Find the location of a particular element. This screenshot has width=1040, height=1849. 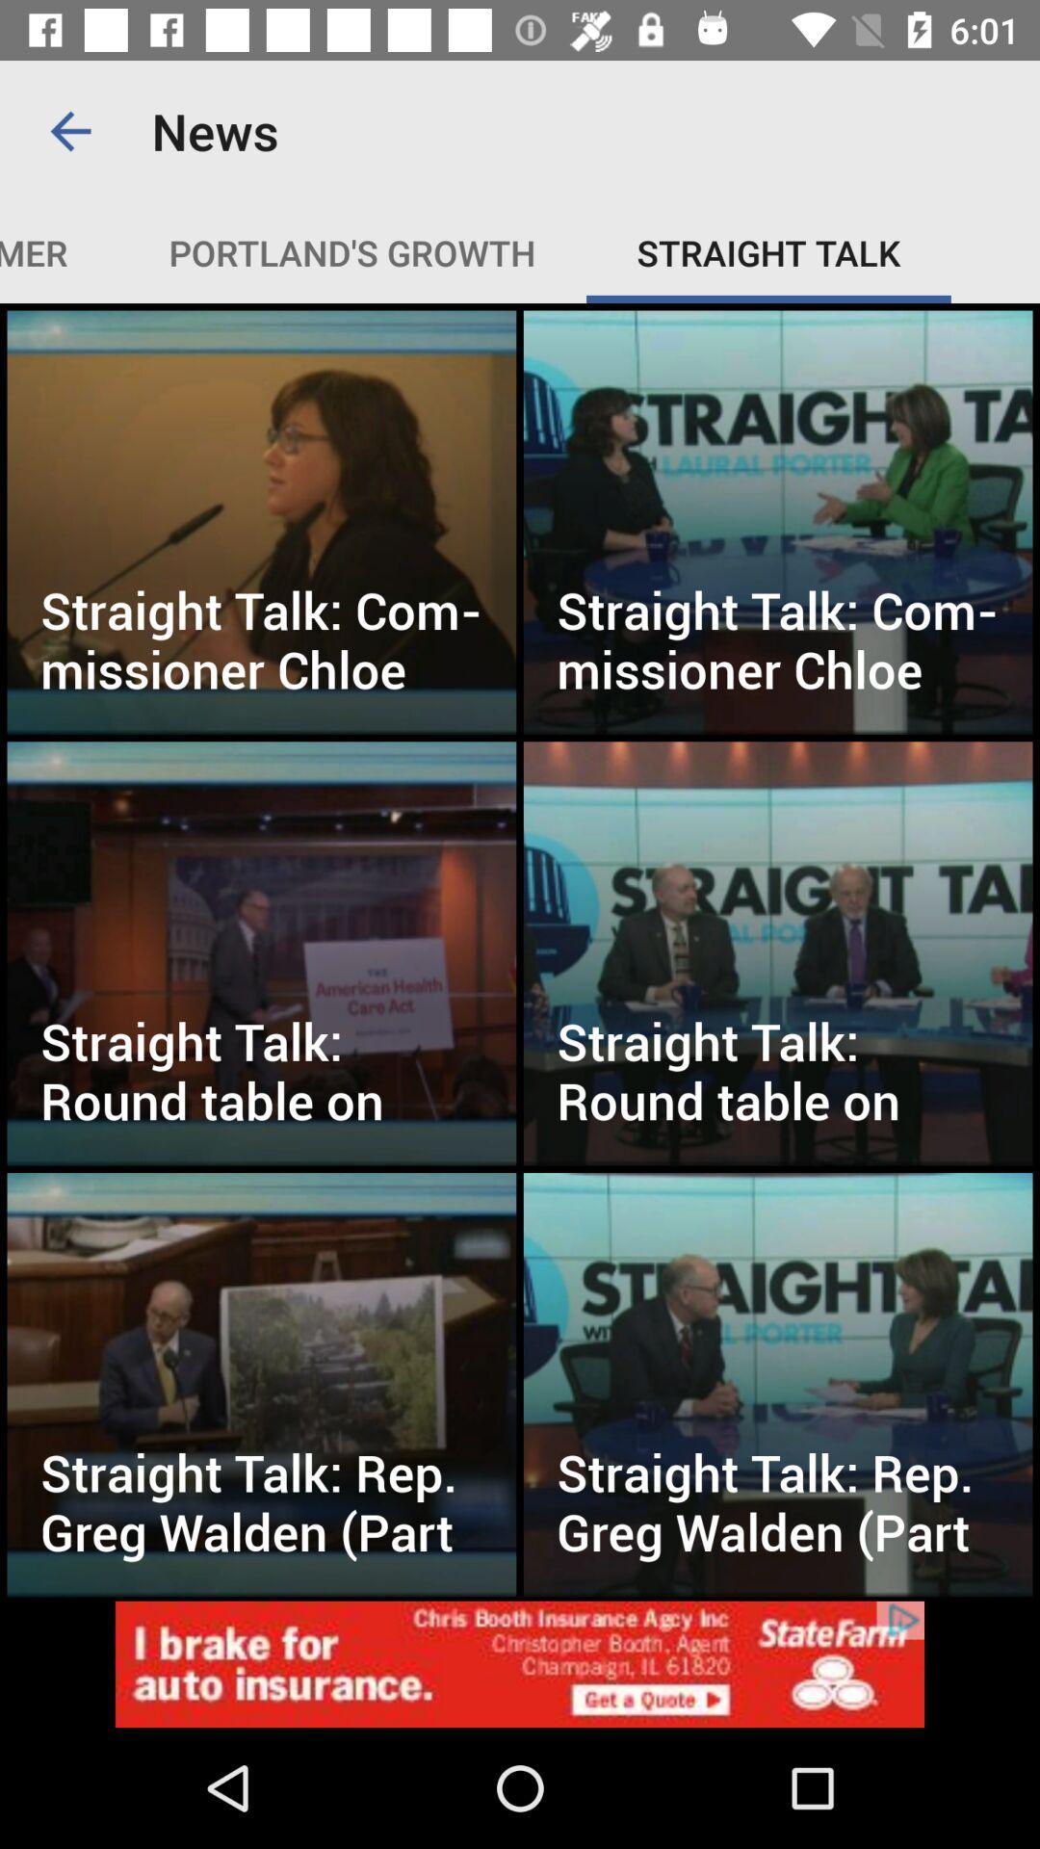

its an advertisement is located at coordinates (520, 1663).